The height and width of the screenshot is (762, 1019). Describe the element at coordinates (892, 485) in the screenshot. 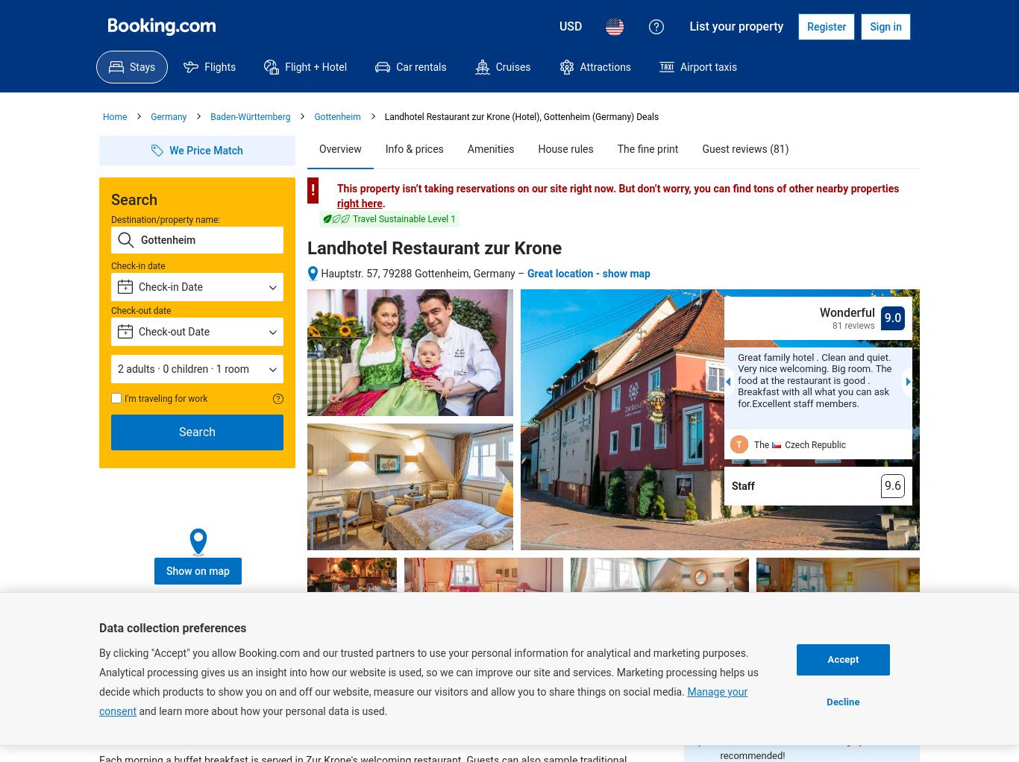

I see `'9.6'` at that location.